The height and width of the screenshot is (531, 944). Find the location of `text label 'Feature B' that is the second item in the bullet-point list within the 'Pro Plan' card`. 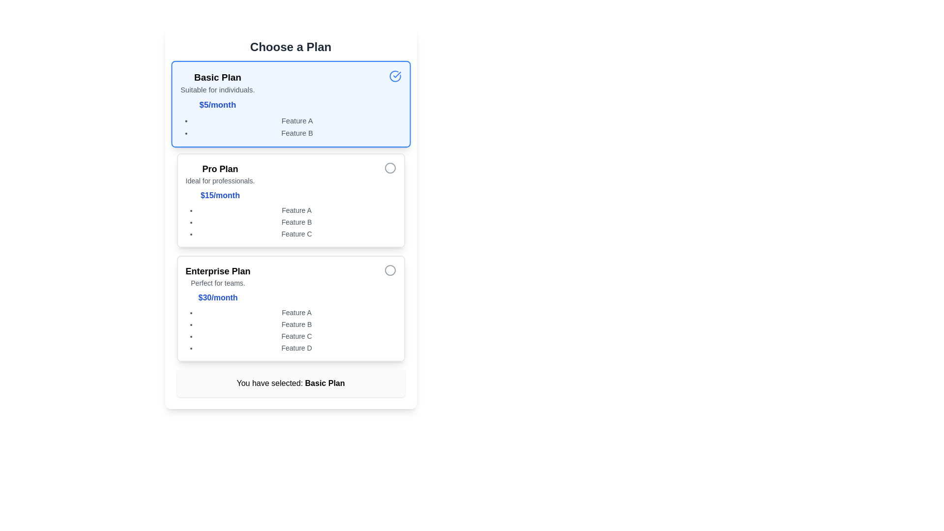

text label 'Feature B' that is the second item in the bullet-point list within the 'Pro Plan' card is located at coordinates (296, 222).